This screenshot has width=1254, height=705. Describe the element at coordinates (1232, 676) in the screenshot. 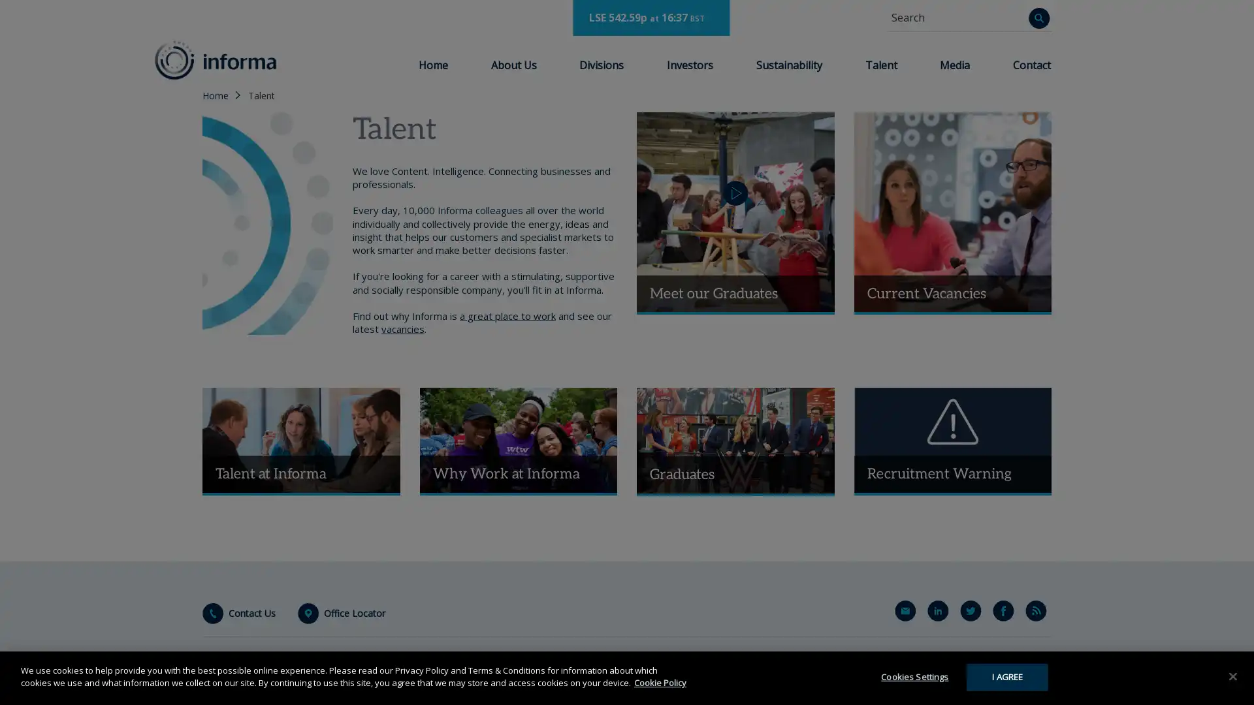

I see `Close` at that location.